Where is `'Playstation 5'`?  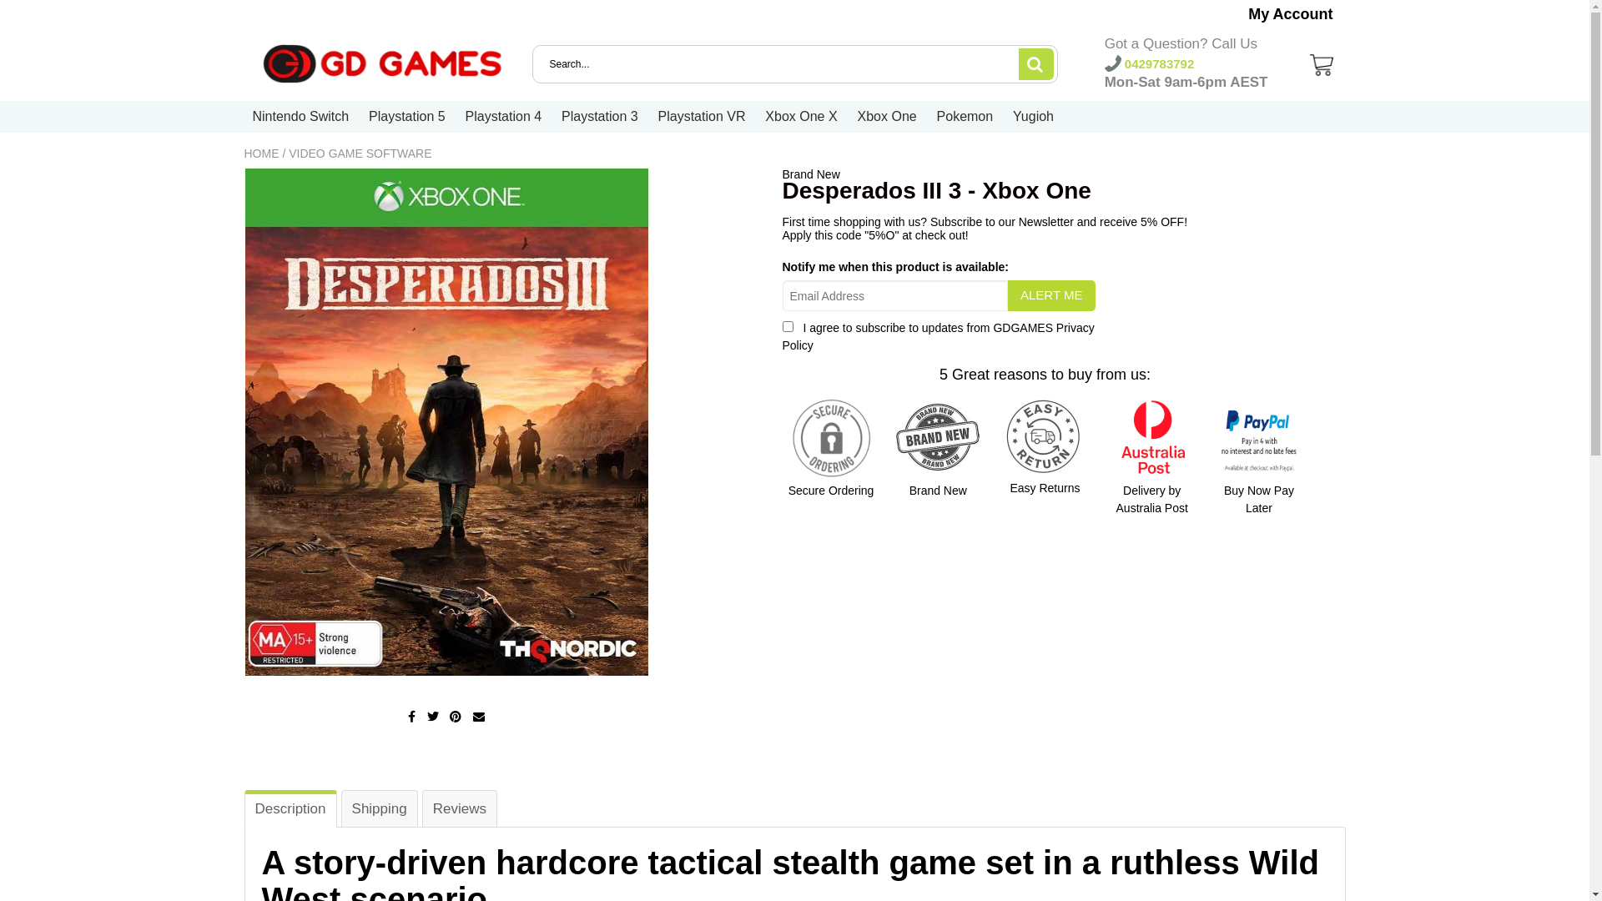 'Playstation 5' is located at coordinates (407, 115).